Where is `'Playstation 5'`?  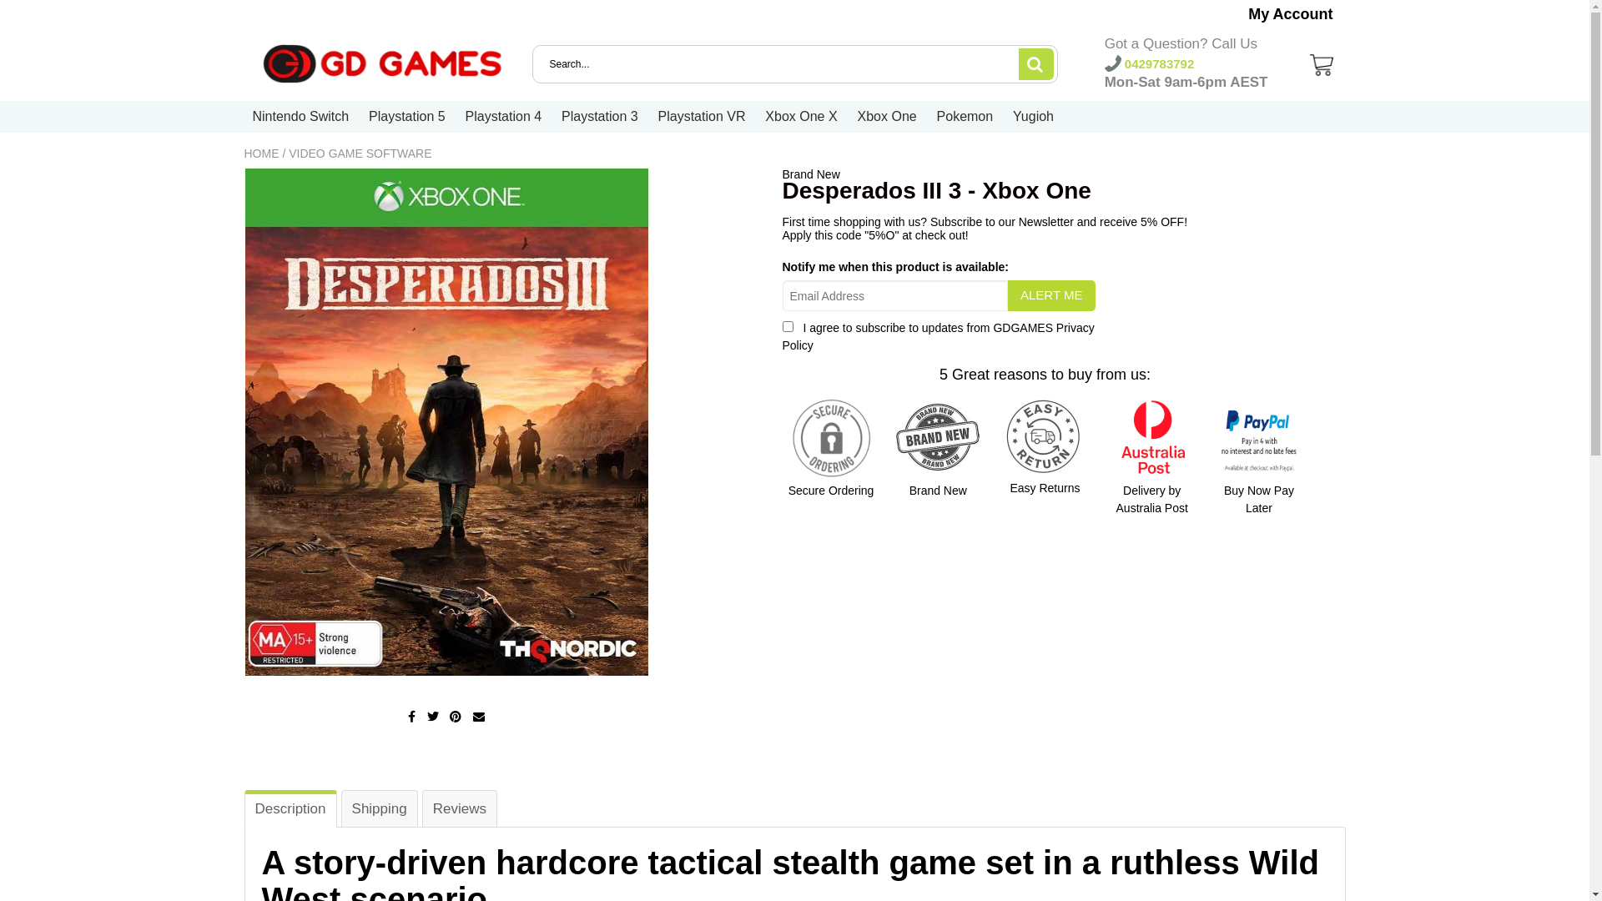 'Playstation 5' is located at coordinates (407, 115).